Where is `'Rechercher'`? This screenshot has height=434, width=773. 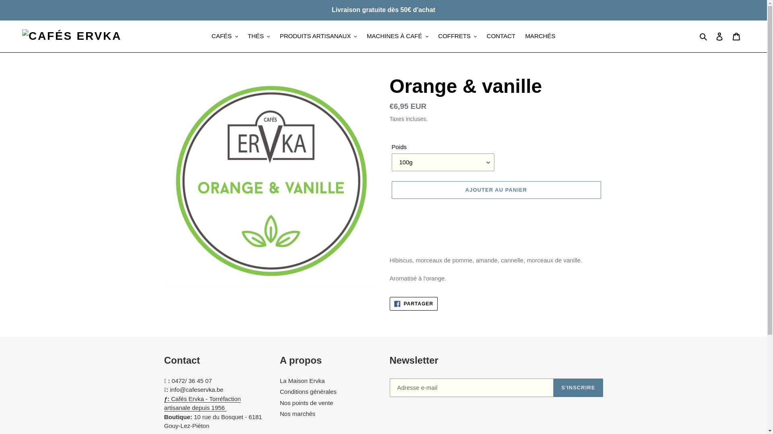 'Rechercher' is located at coordinates (703, 36).